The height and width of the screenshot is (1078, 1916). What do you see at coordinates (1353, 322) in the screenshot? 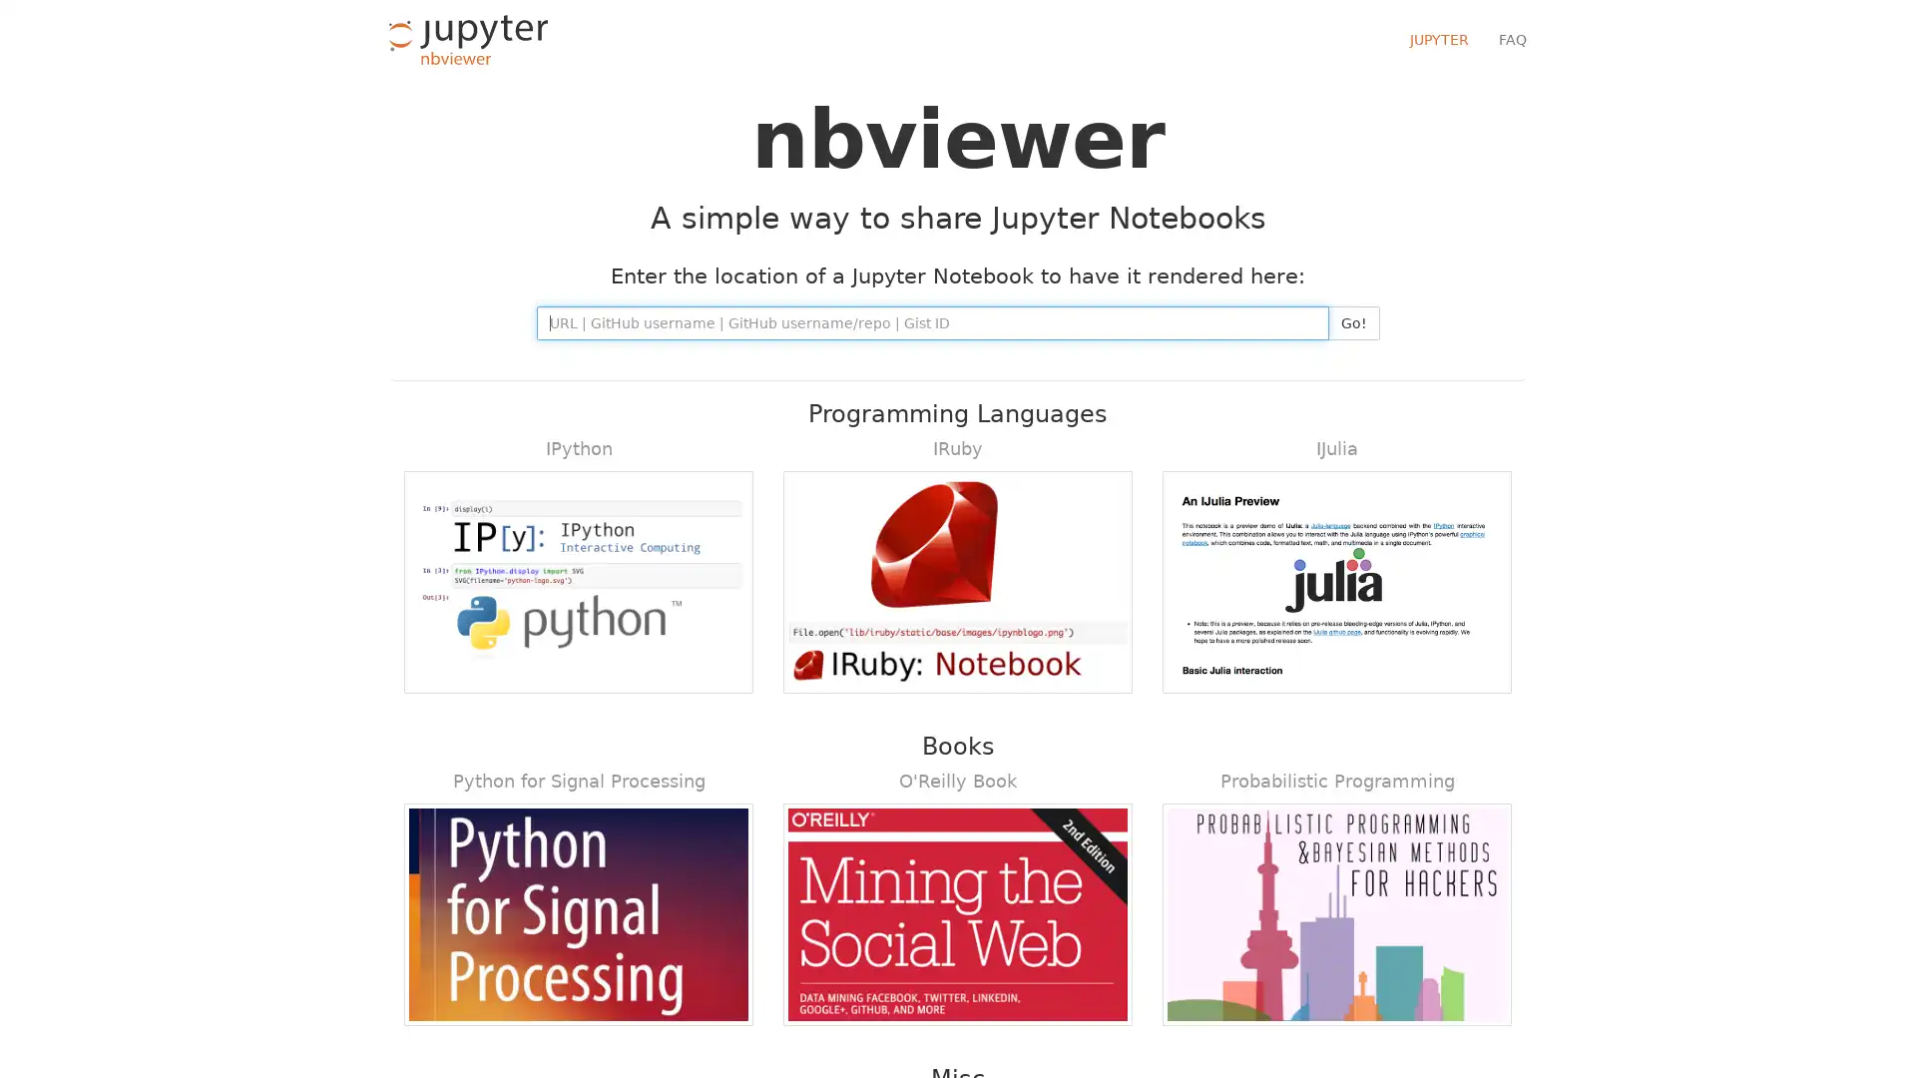
I see `Go!` at bounding box center [1353, 322].